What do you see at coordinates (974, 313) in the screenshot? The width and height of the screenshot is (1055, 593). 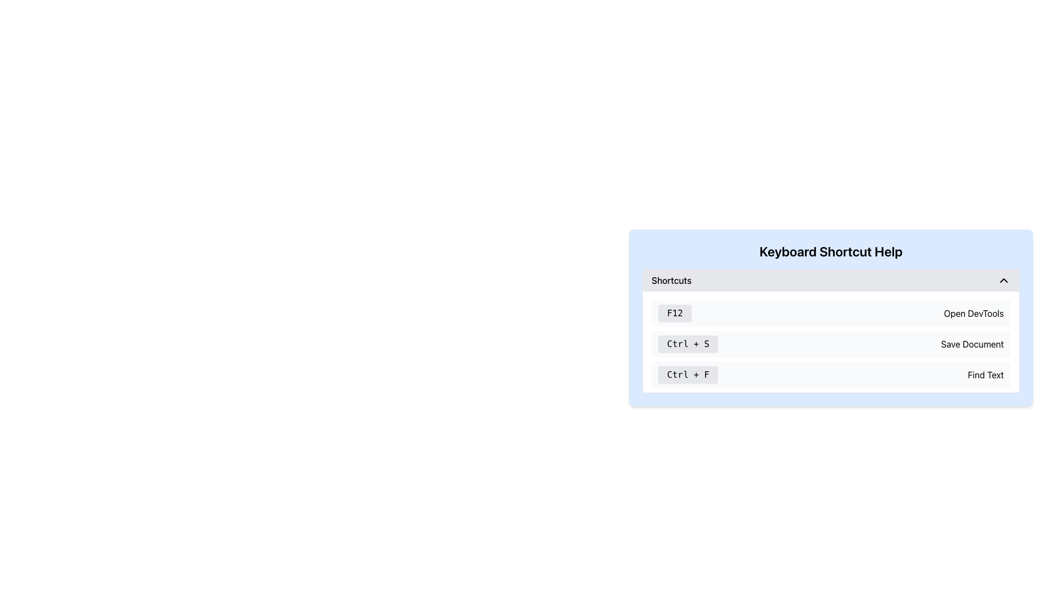 I see `the 'Open DevTools' label located in the 'Keyboard Shortcut Help' section, which is positioned to the right of the 'F12' label` at bounding box center [974, 313].